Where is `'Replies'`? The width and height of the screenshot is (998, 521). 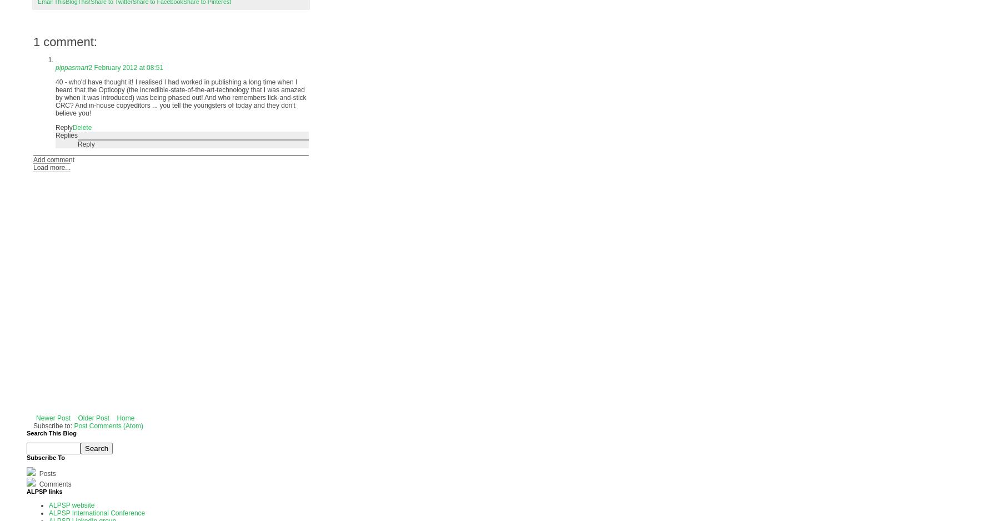 'Replies' is located at coordinates (66, 134).